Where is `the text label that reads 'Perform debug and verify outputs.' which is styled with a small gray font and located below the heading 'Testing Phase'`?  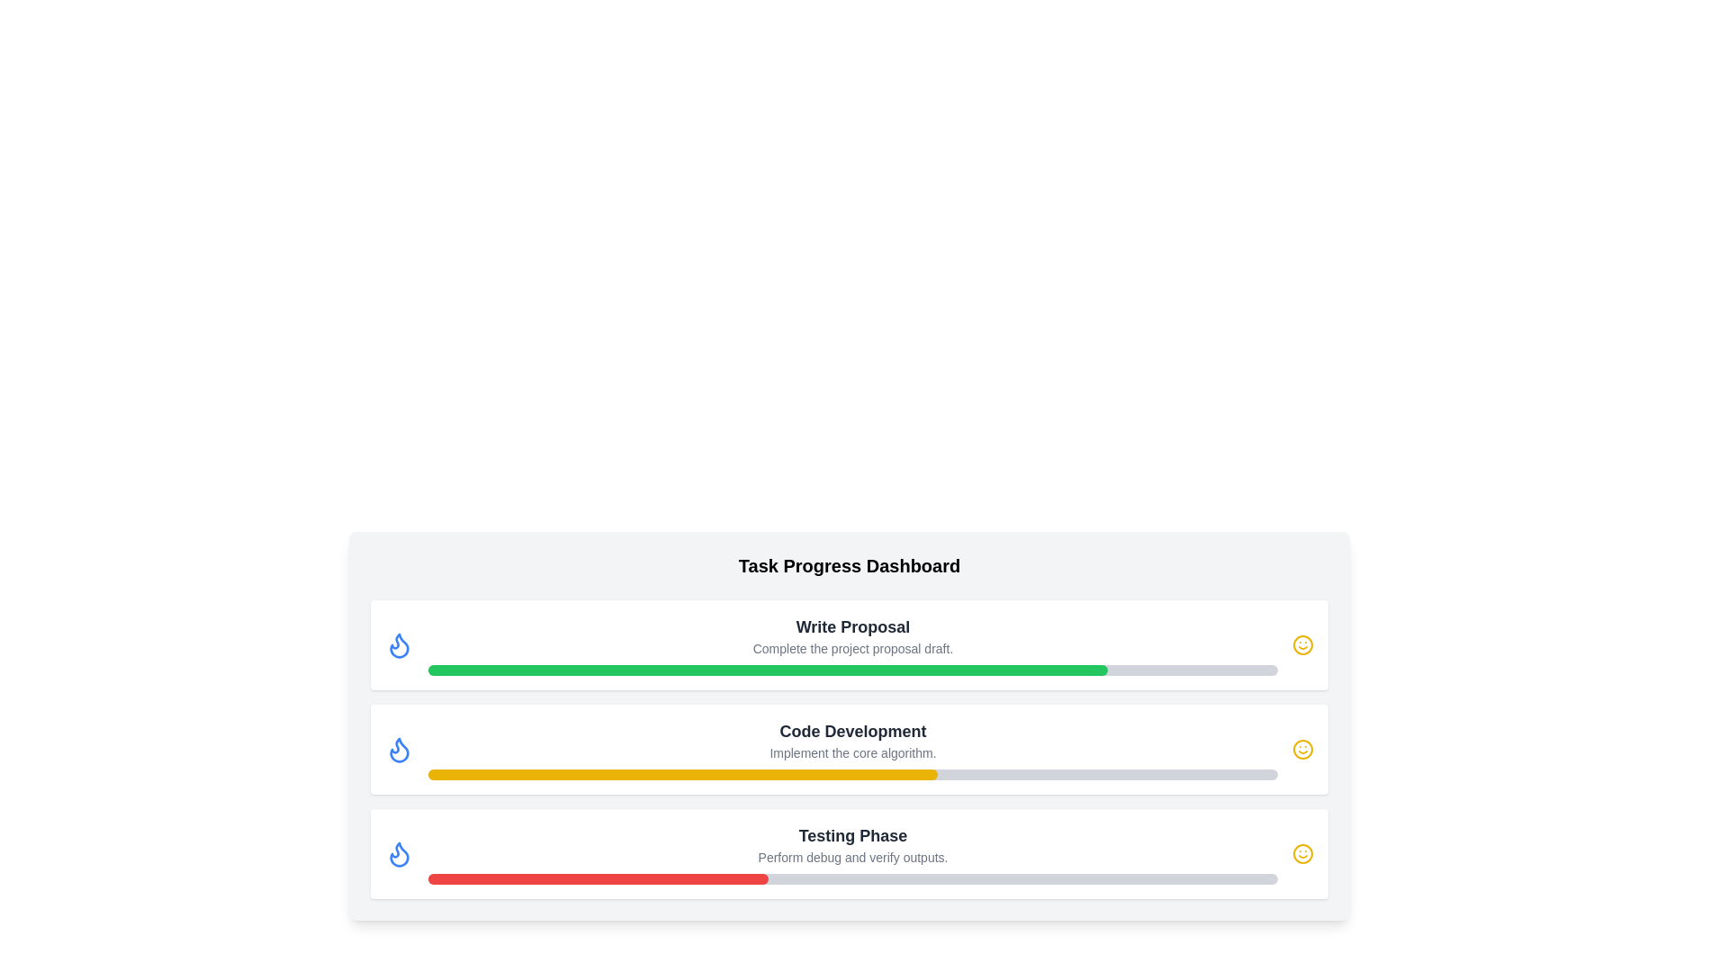 the text label that reads 'Perform debug and verify outputs.' which is styled with a small gray font and located below the heading 'Testing Phase' is located at coordinates (852, 856).